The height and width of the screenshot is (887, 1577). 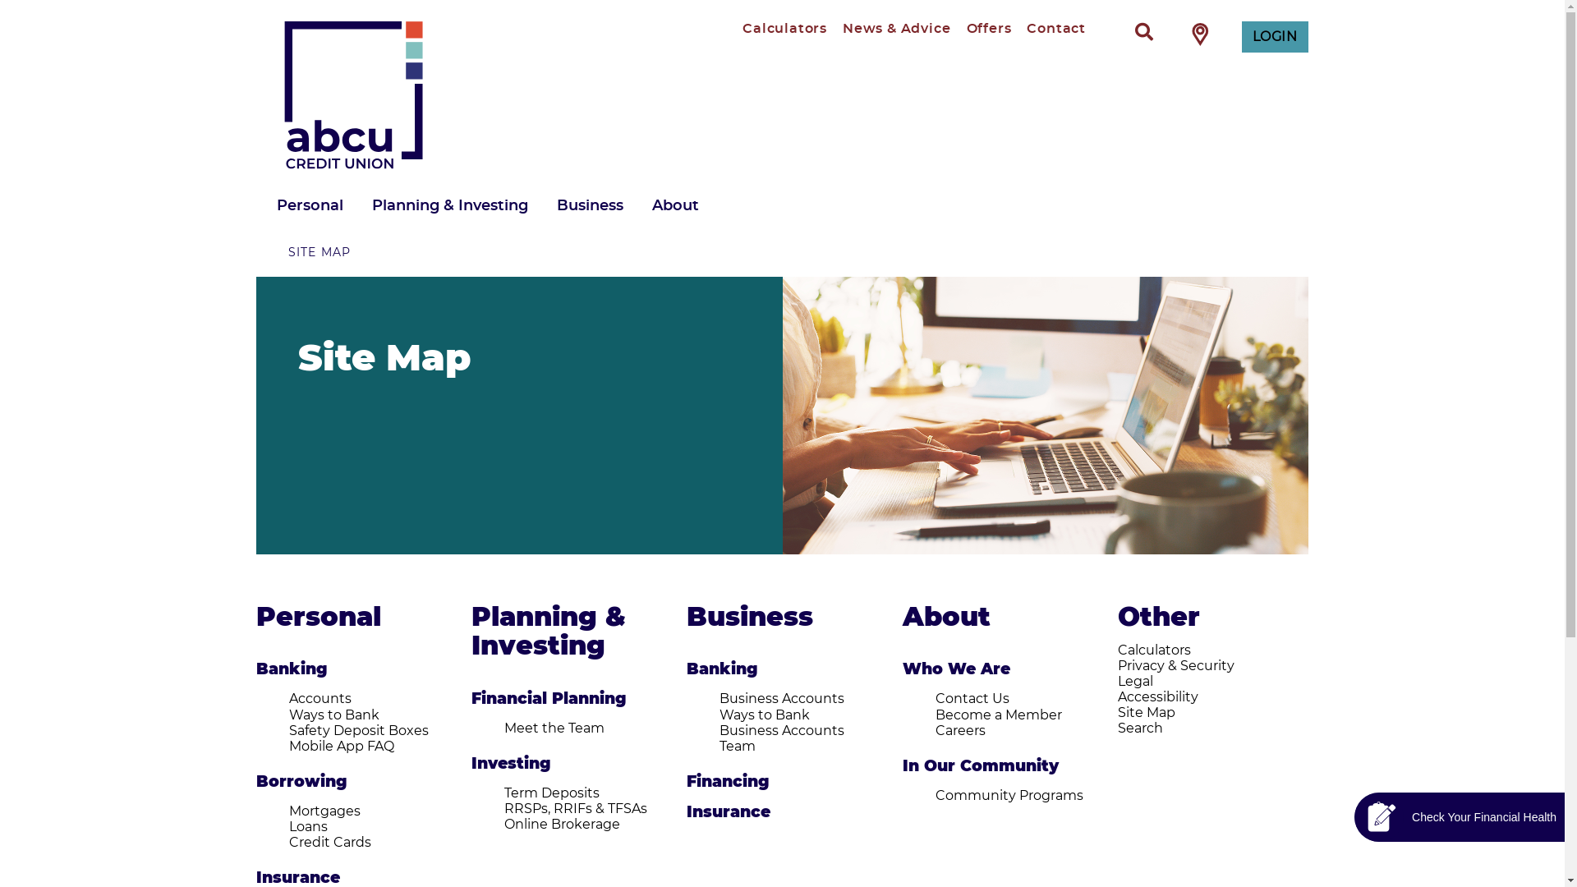 I want to click on 'Contact', so click(x=1056, y=28).